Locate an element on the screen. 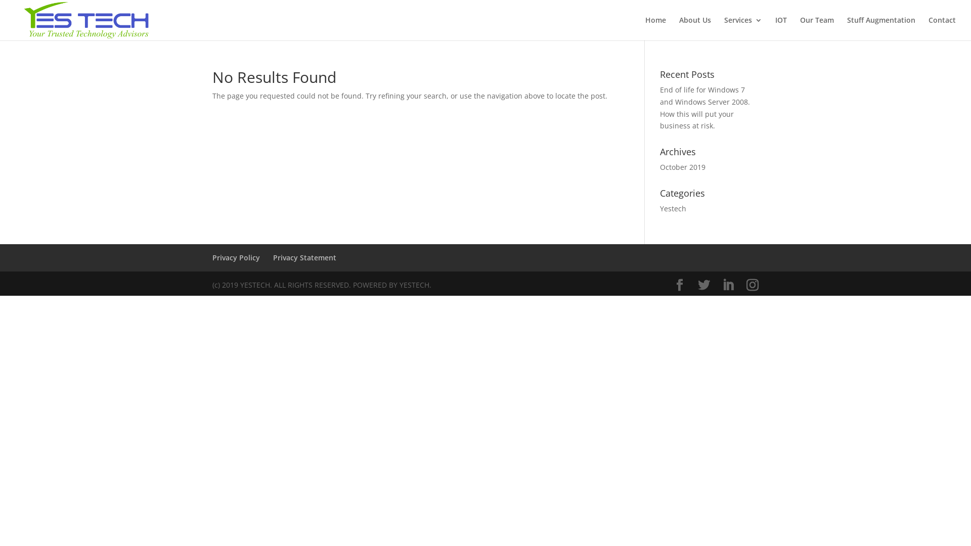 This screenshot has width=971, height=546. 'Yestech' is located at coordinates (660, 208).